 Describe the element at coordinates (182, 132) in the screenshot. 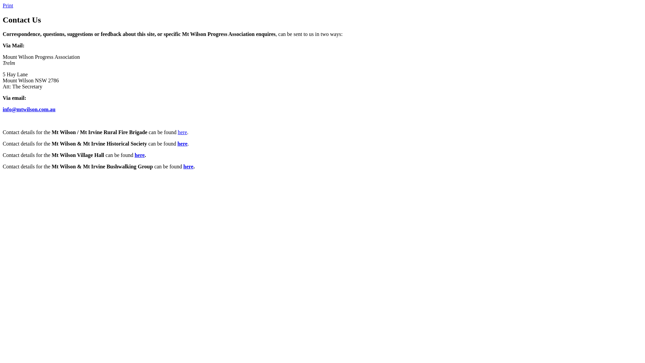

I see `'here'` at that location.